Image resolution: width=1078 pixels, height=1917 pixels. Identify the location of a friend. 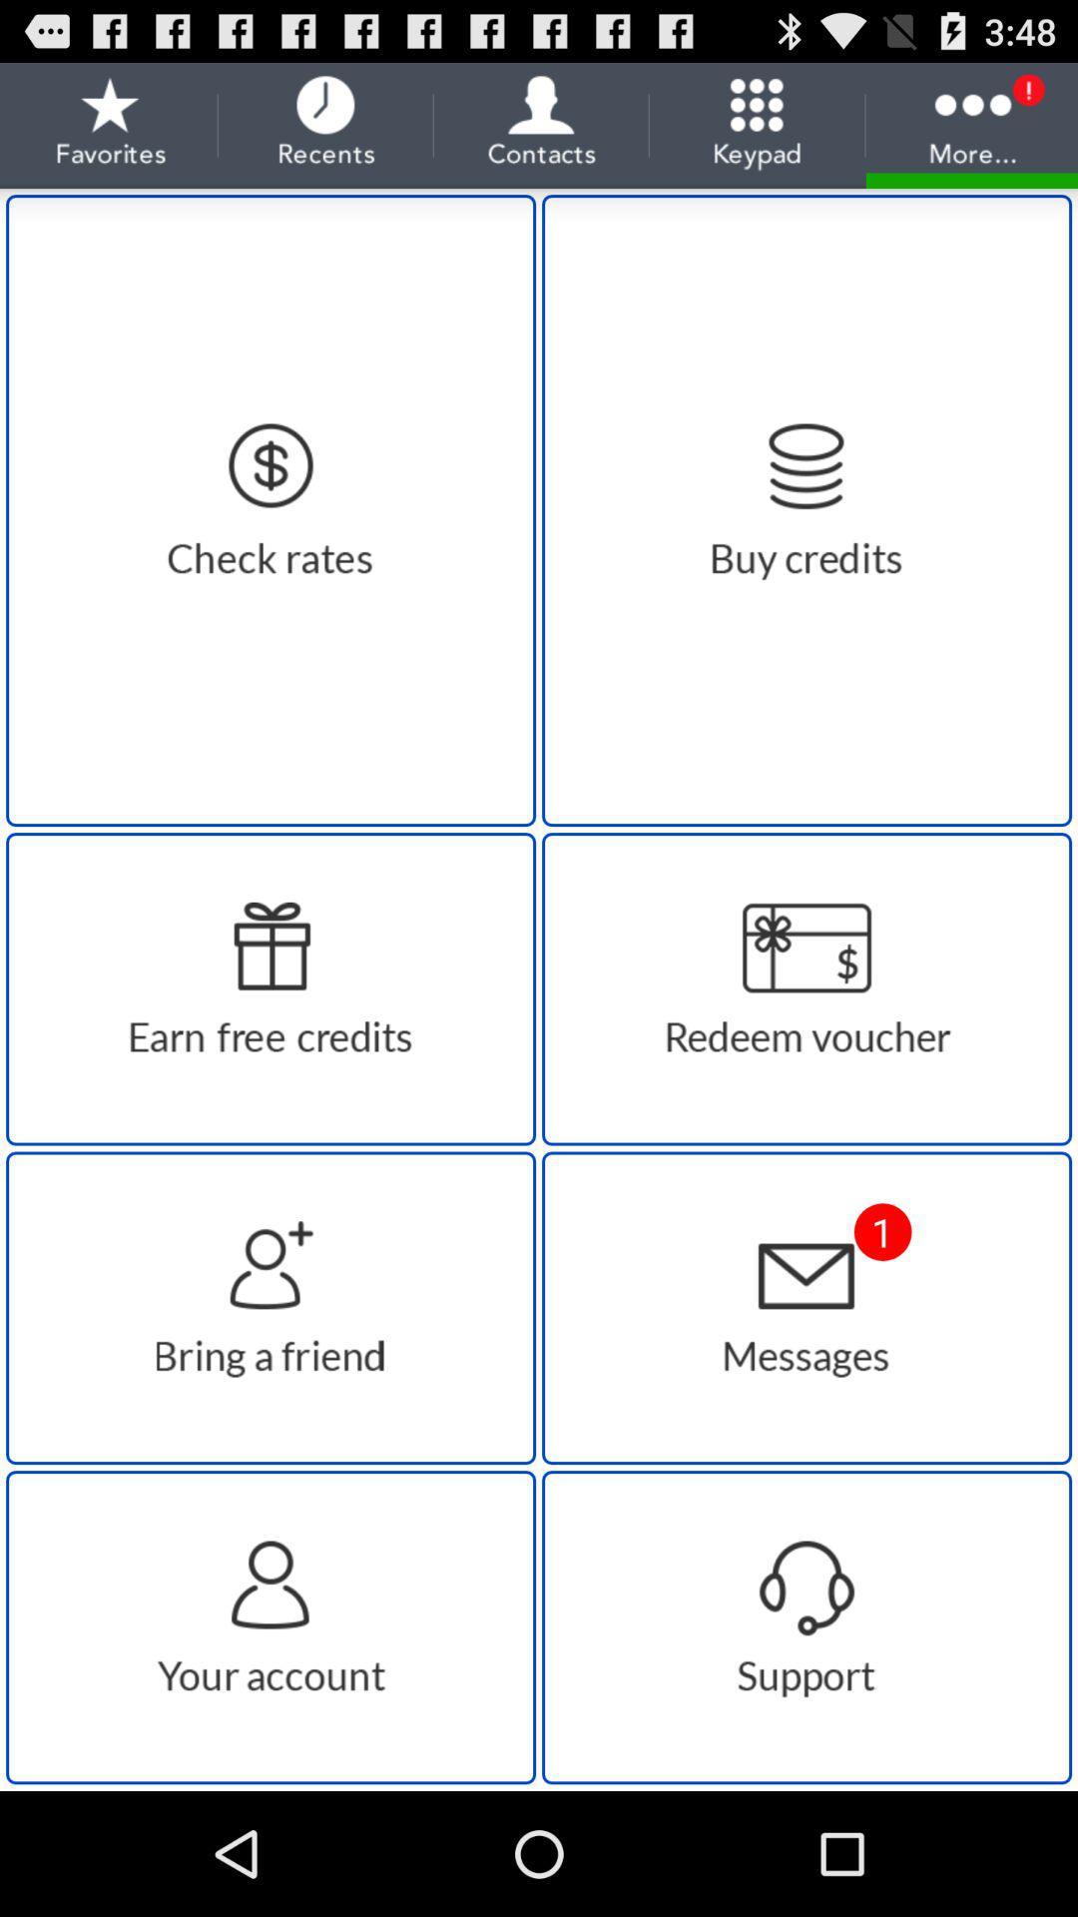
(270, 1308).